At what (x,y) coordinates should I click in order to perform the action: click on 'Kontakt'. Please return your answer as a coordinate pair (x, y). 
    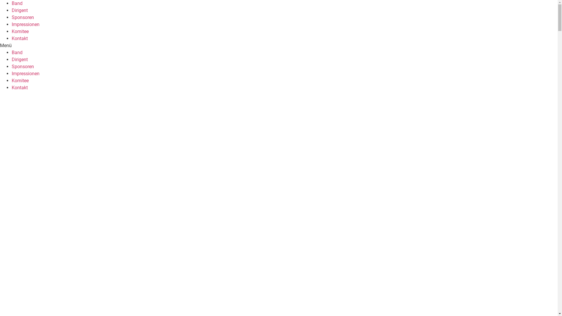
    Looking at the image, I should click on (20, 87).